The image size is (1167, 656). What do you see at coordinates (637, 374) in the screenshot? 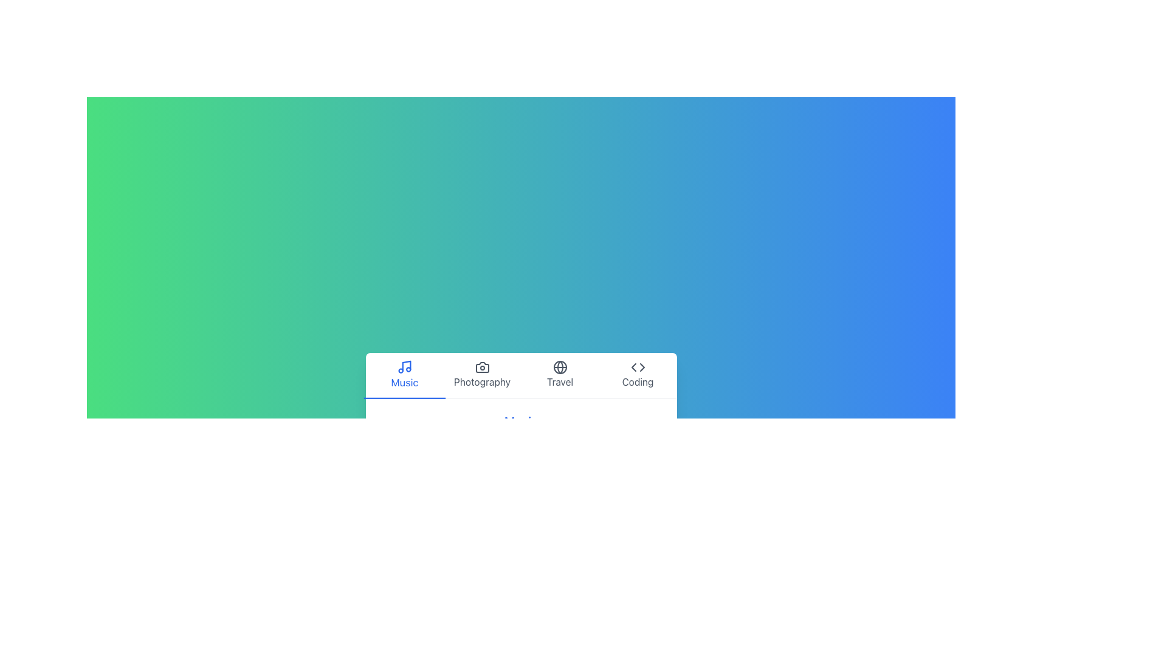
I see `the button labeled 'Coding' with an icon of coding tags '<>'` at bounding box center [637, 374].